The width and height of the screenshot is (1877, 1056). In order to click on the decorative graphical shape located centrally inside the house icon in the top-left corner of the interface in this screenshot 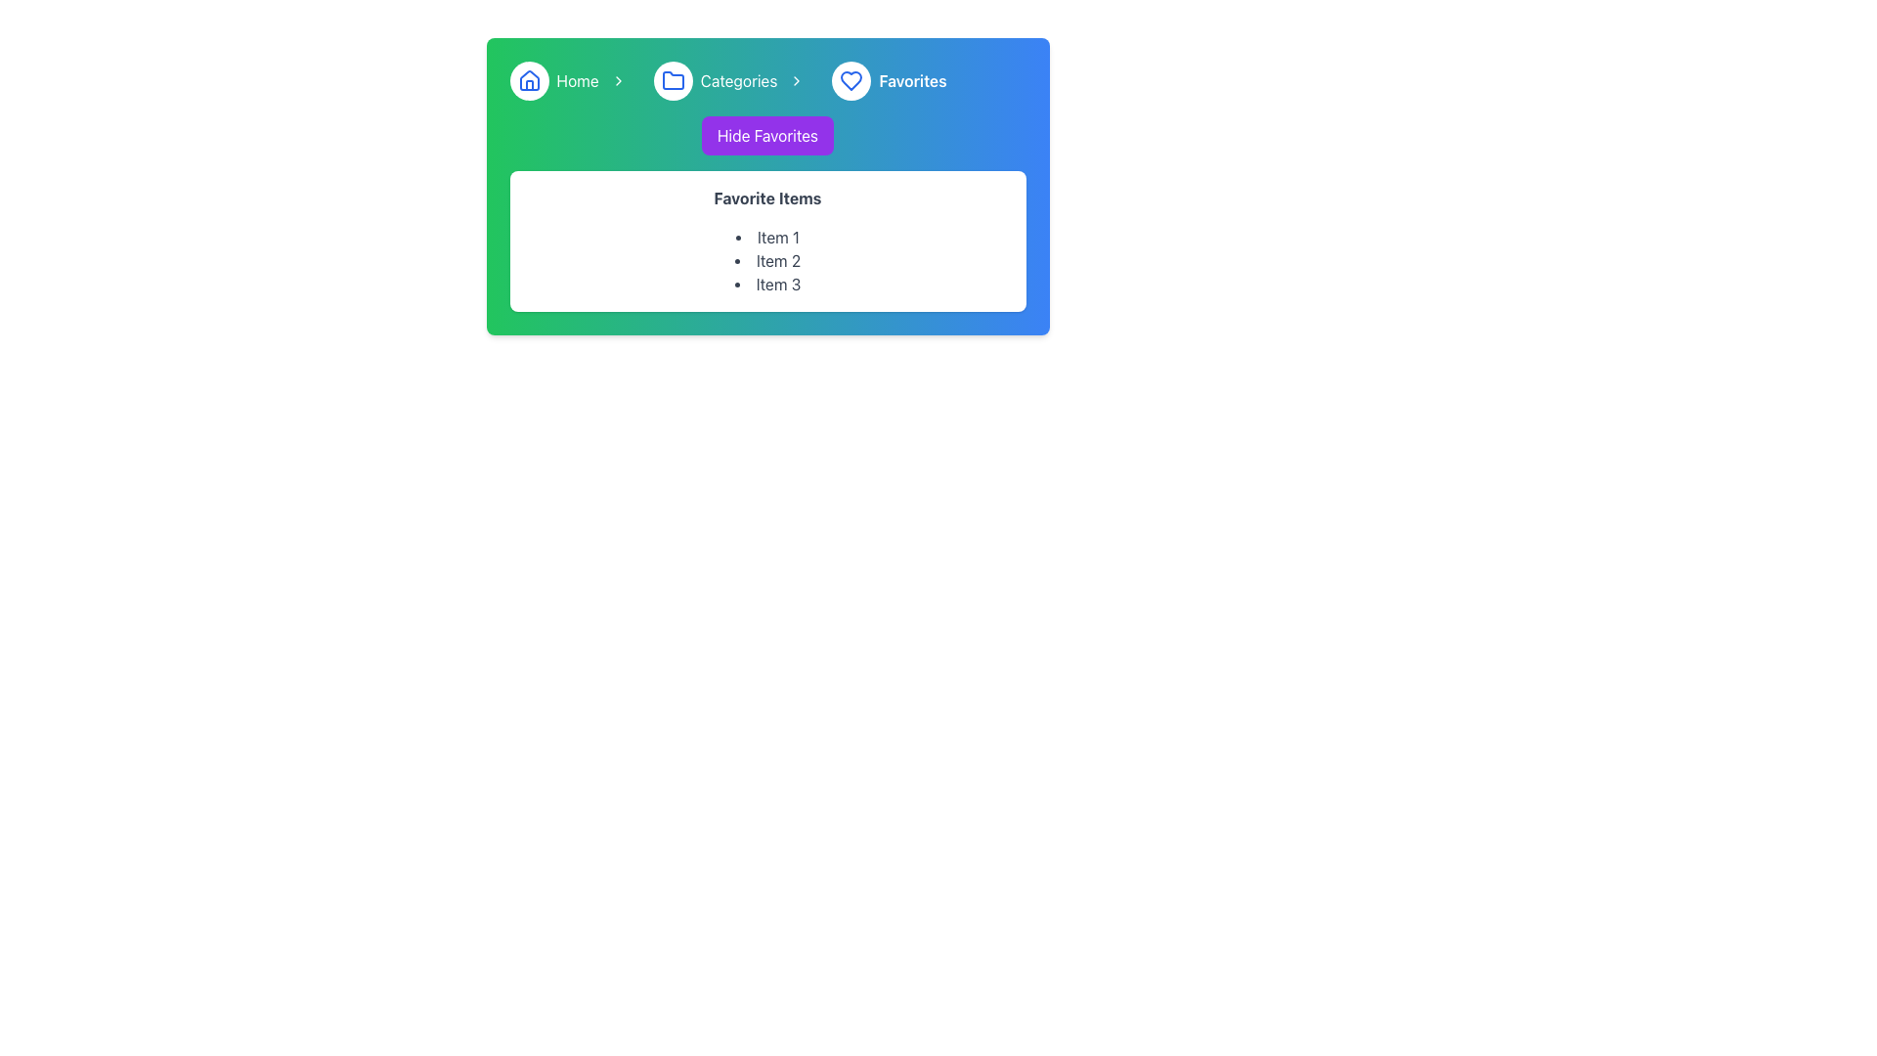, I will do `click(529, 84)`.